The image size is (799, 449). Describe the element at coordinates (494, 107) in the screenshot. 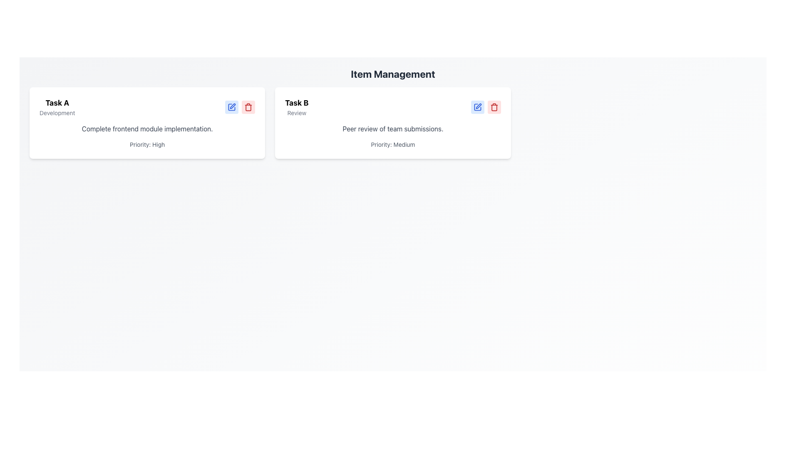

I see `the red trash icon button located at the top-right corner of the Task B card` at that location.